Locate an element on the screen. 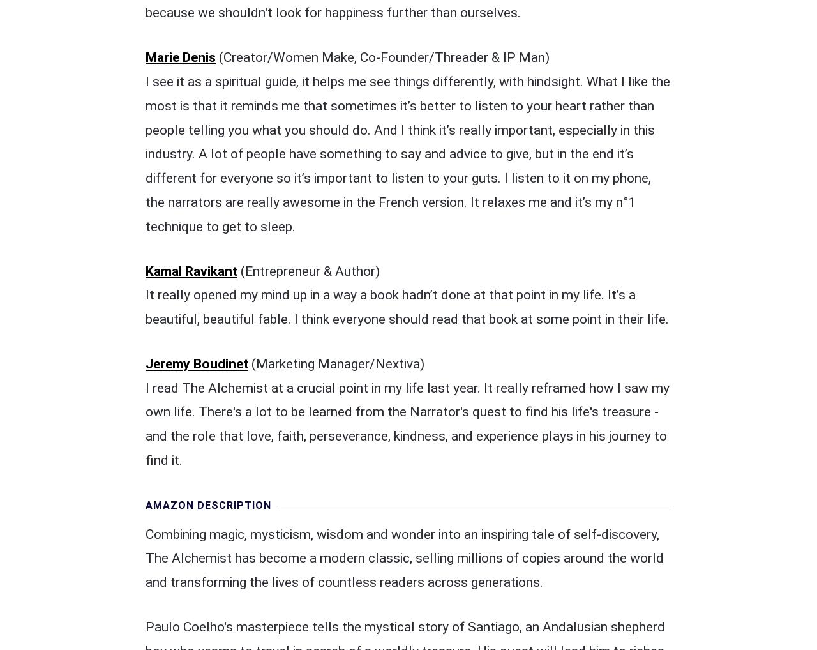 The height and width of the screenshot is (650, 817). 'Jeremy Boudinet' is located at coordinates (196, 98).